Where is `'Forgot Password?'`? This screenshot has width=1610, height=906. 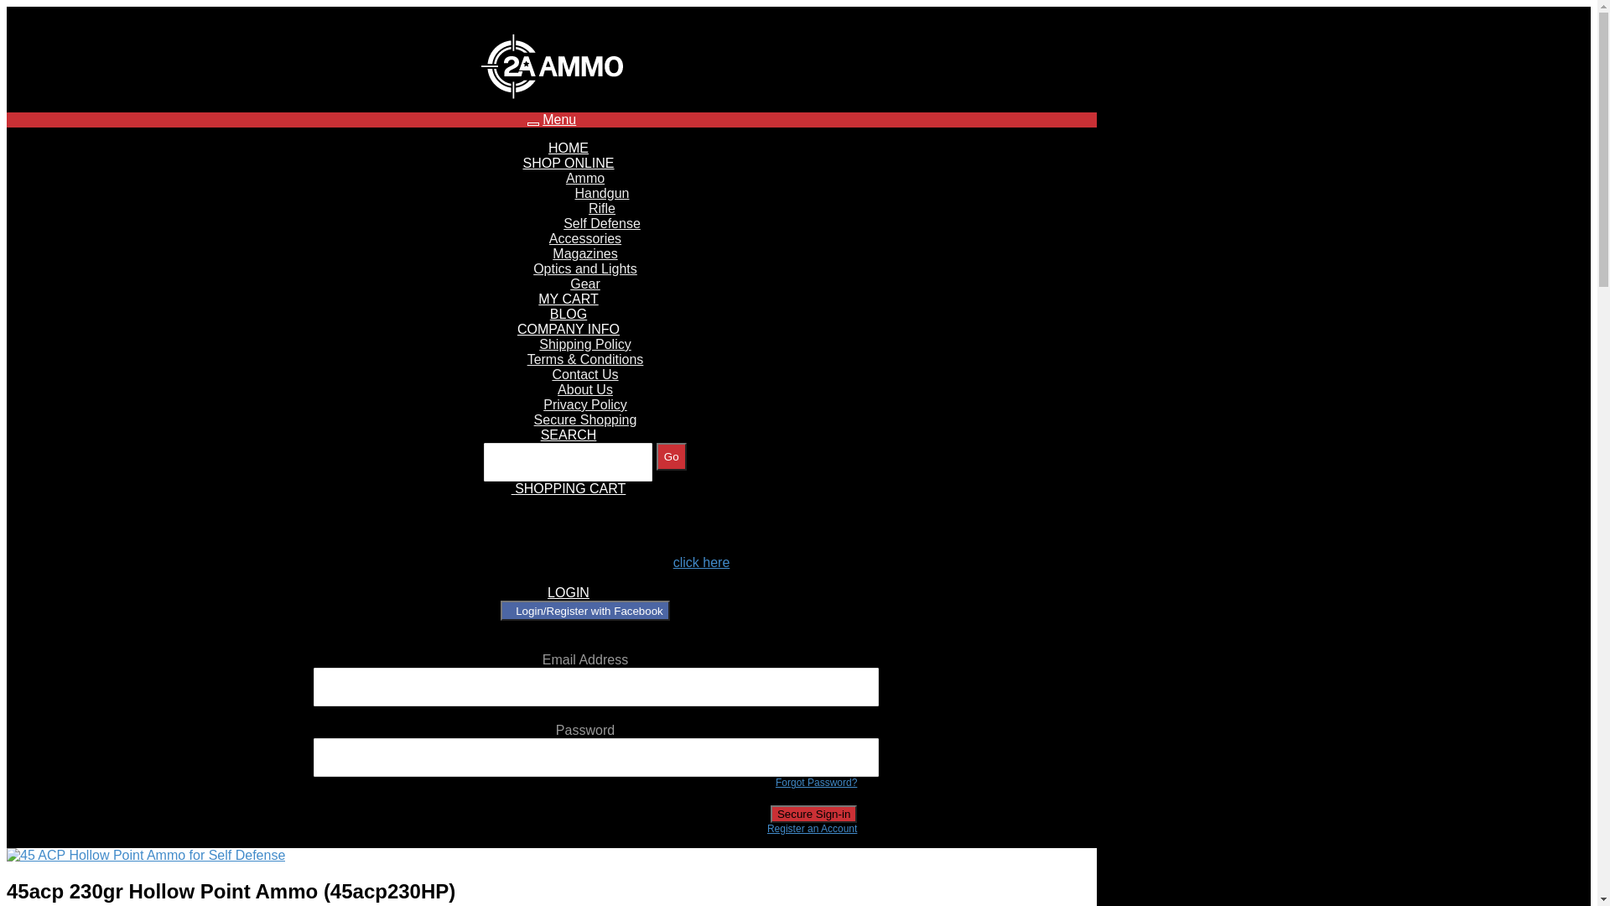
'Forgot Password?' is located at coordinates (816, 783).